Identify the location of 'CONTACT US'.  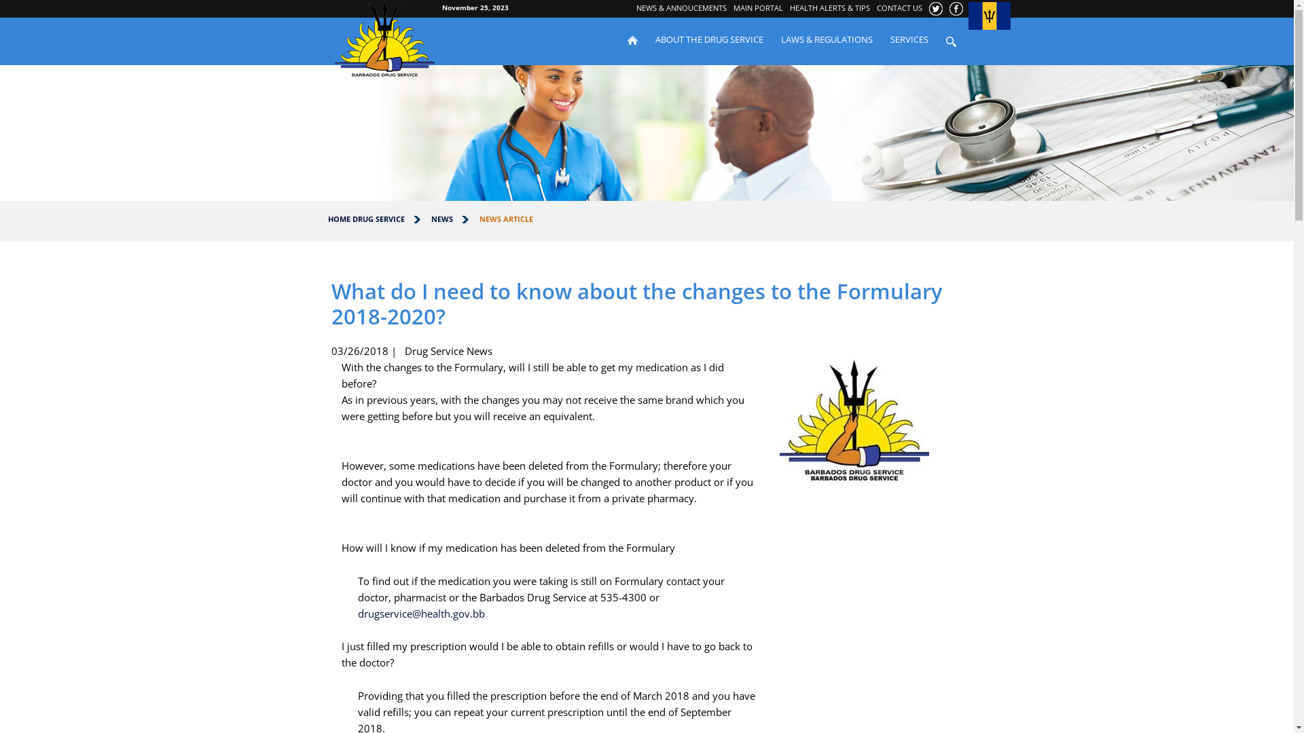
(899, 7).